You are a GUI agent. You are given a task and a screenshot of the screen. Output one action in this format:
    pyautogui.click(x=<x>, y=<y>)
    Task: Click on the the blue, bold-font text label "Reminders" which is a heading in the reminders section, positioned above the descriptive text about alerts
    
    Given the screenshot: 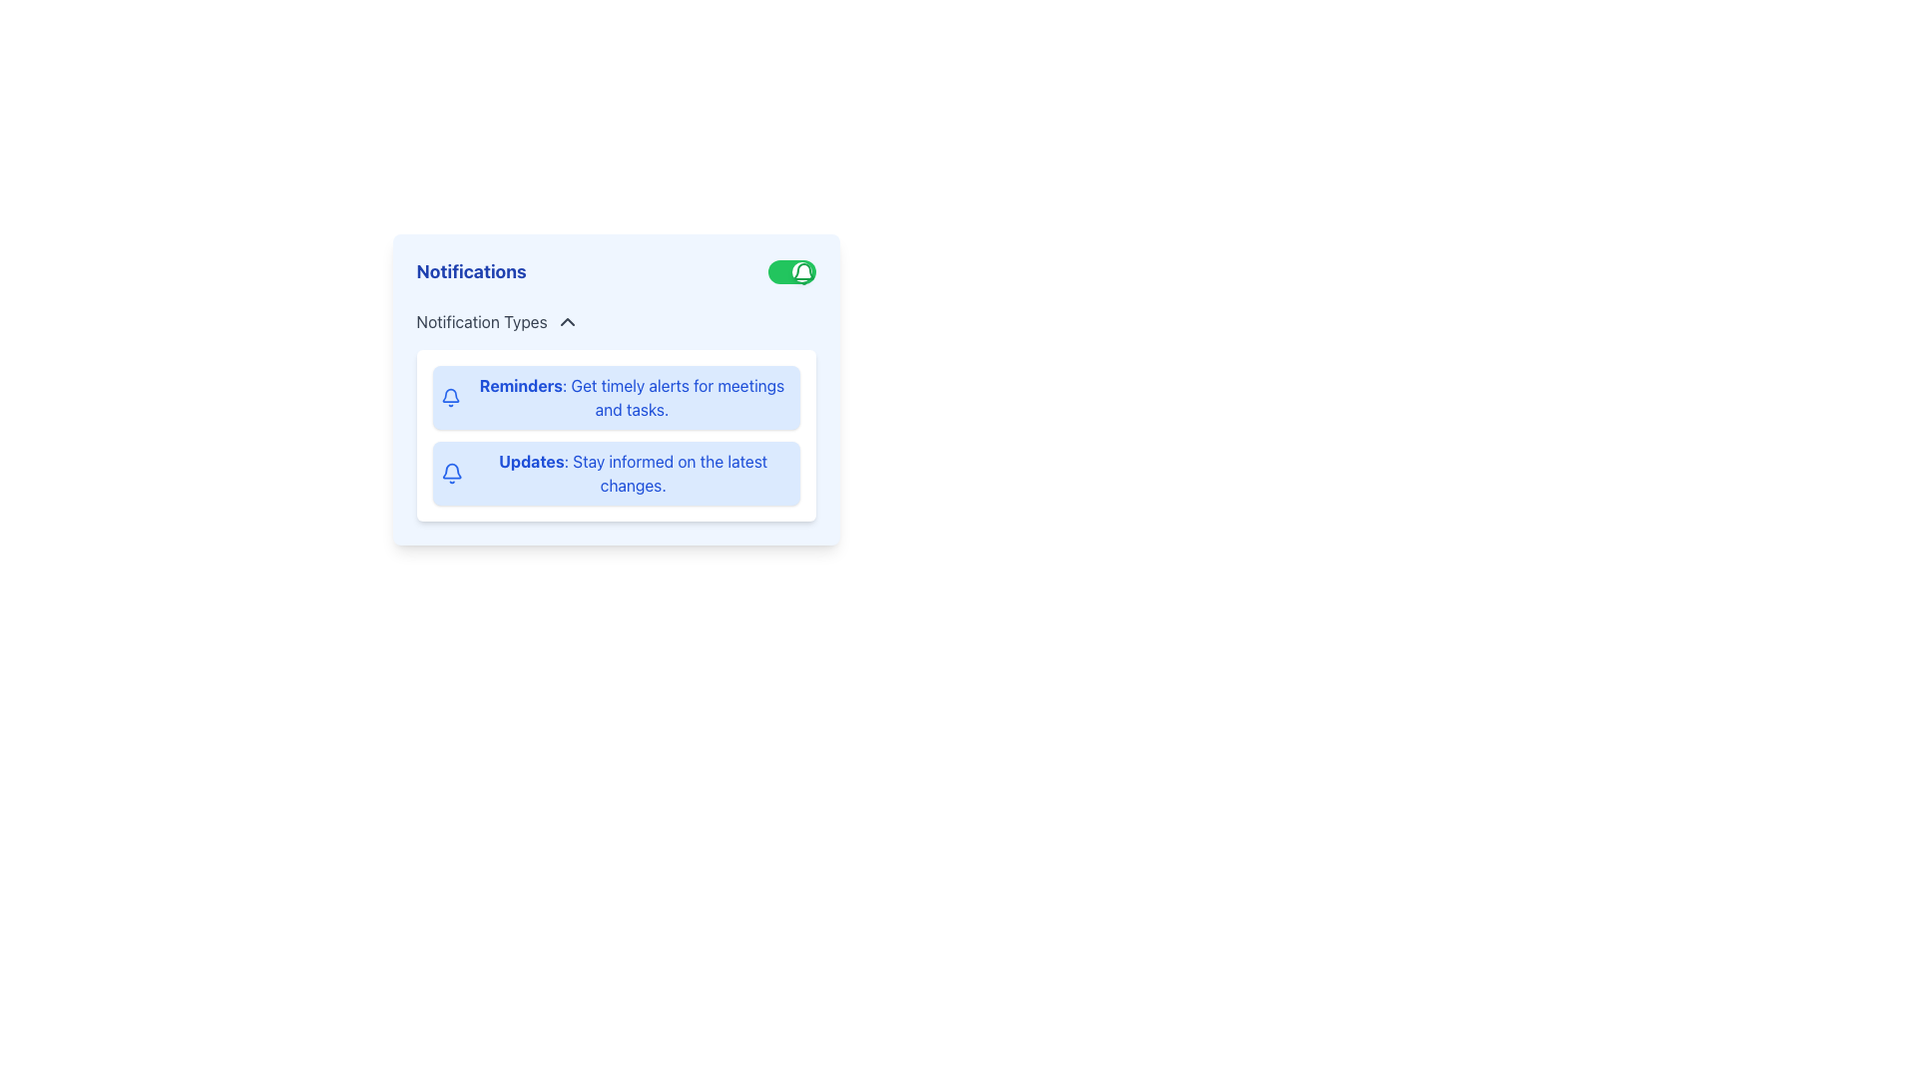 What is the action you would take?
    pyautogui.click(x=521, y=385)
    